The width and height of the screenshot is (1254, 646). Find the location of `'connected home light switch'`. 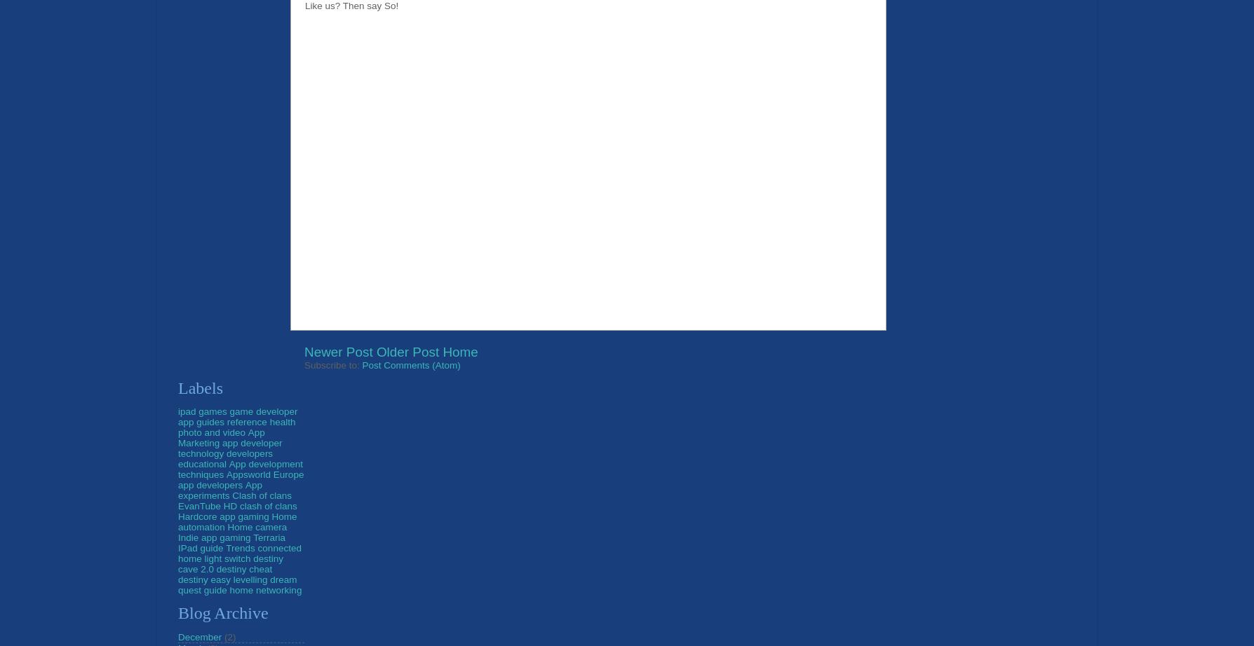

'connected home light switch' is located at coordinates (238, 551).